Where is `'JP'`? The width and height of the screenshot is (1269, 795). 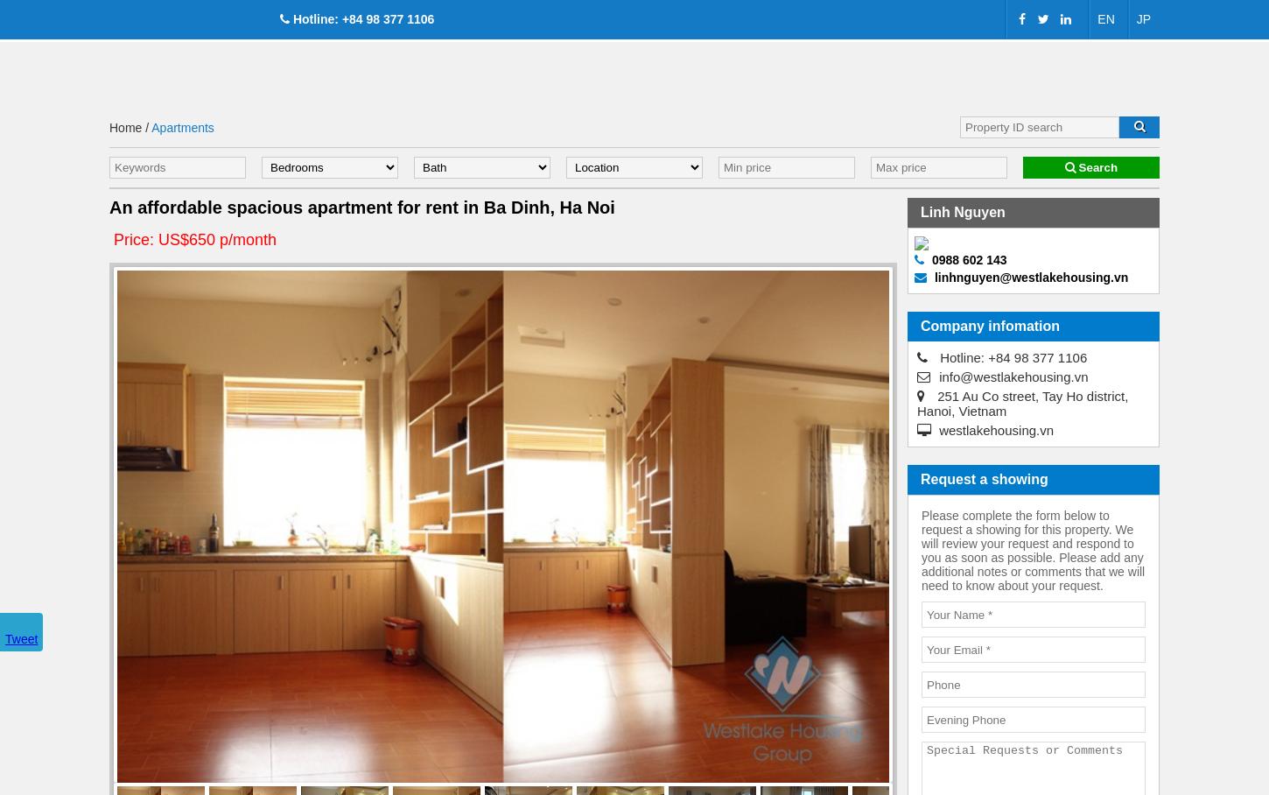 'JP' is located at coordinates (1143, 18).